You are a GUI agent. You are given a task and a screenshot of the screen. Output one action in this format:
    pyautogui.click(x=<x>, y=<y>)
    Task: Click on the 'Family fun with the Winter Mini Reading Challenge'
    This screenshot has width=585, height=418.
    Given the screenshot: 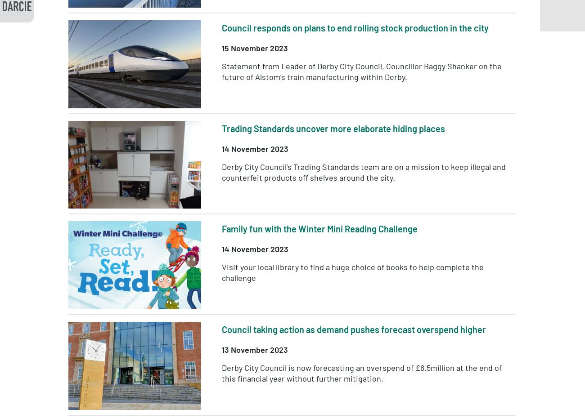 What is the action you would take?
    pyautogui.click(x=319, y=228)
    